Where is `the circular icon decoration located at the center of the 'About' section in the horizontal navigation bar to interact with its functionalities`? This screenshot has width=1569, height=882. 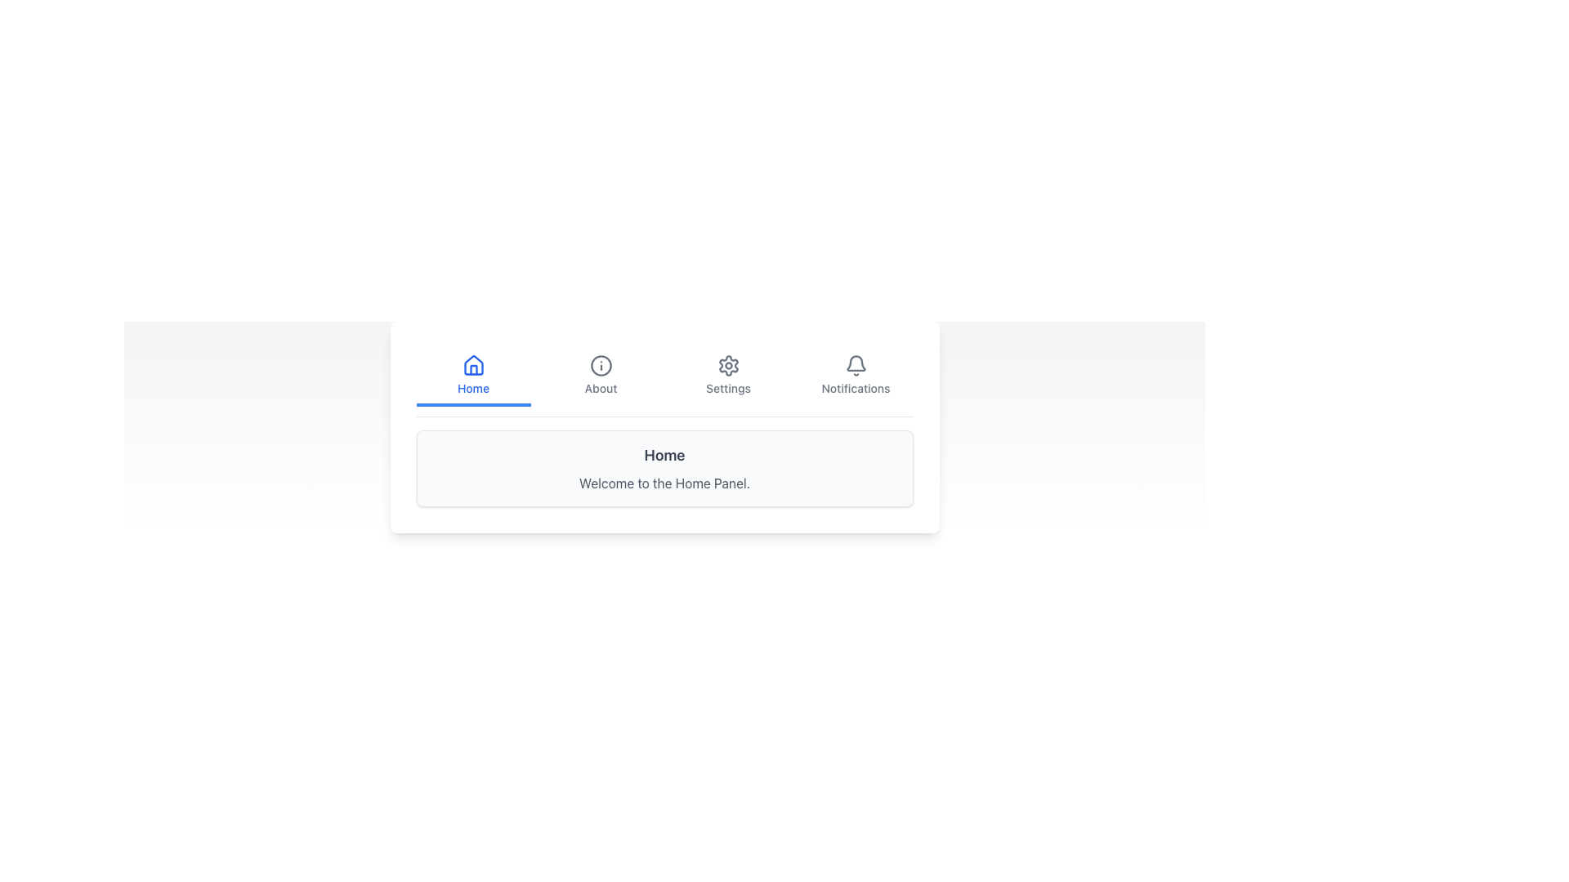 the circular icon decoration located at the center of the 'About' section in the horizontal navigation bar to interact with its functionalities is located at coordinates (600, 364).